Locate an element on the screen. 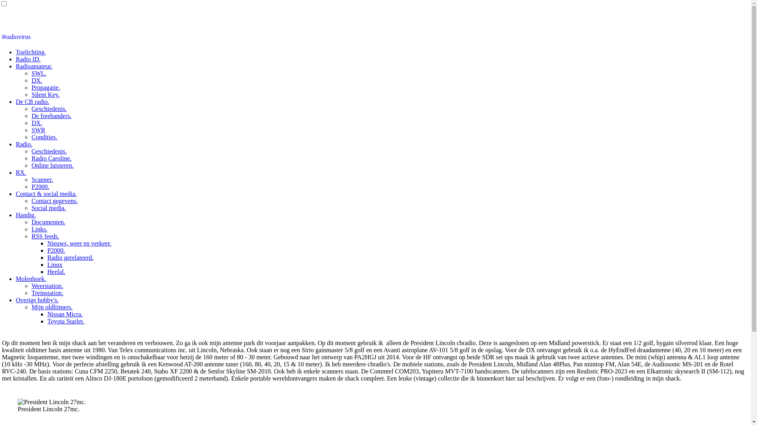 This screenshot has height=425, width=757. 'Contact gegevens.' is located at coordinates (54, 200).